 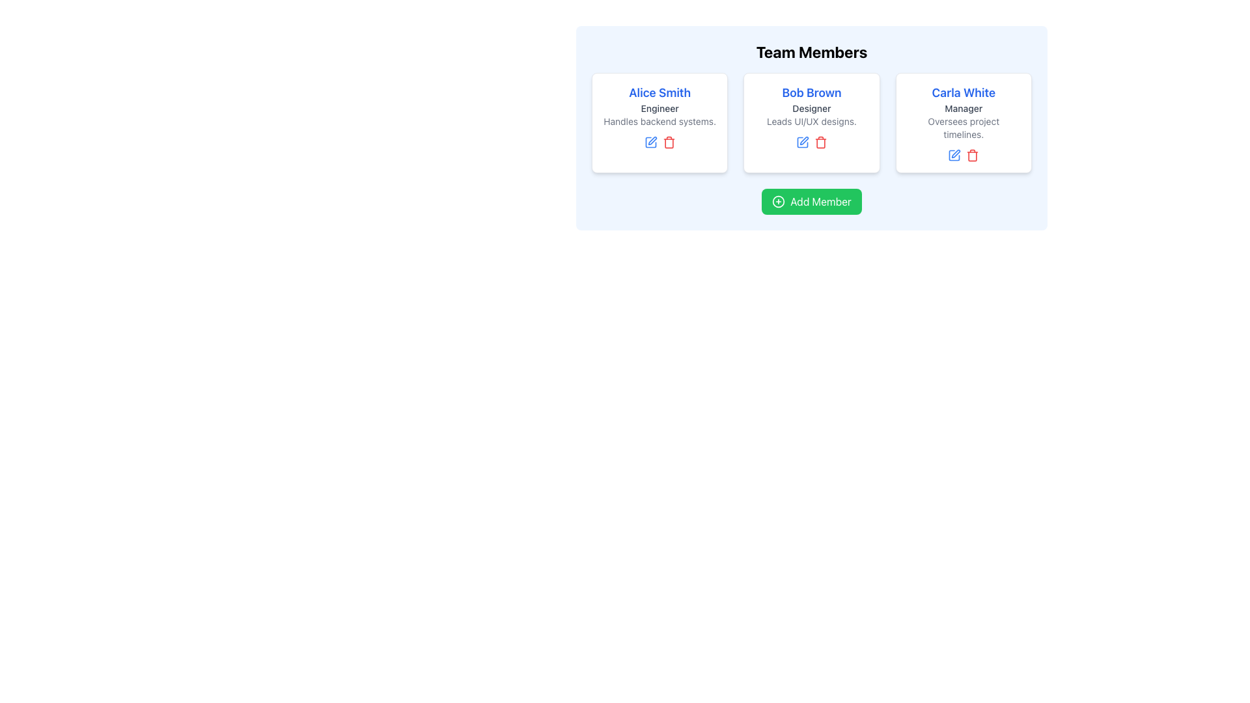 What do you see at coordinates (660, 92) in the screenshot?
I see `the text label displaying the name 'Alice Smith' in large, vibrant blue font, located at the top of the leftmost card in a set of three cards` at bounding box center [660, 92].